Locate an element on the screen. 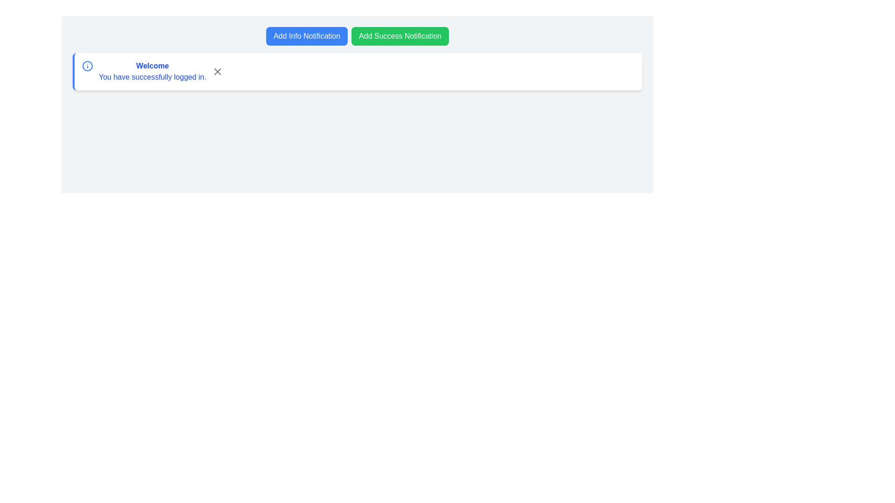  the welcoming message text element located at the top-left of the notification box is located at coordinates (152, 66).